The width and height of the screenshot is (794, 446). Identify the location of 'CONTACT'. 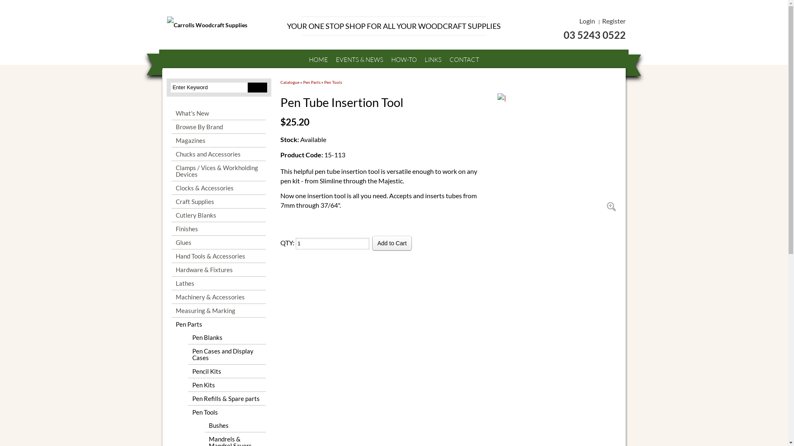
(445, 59).